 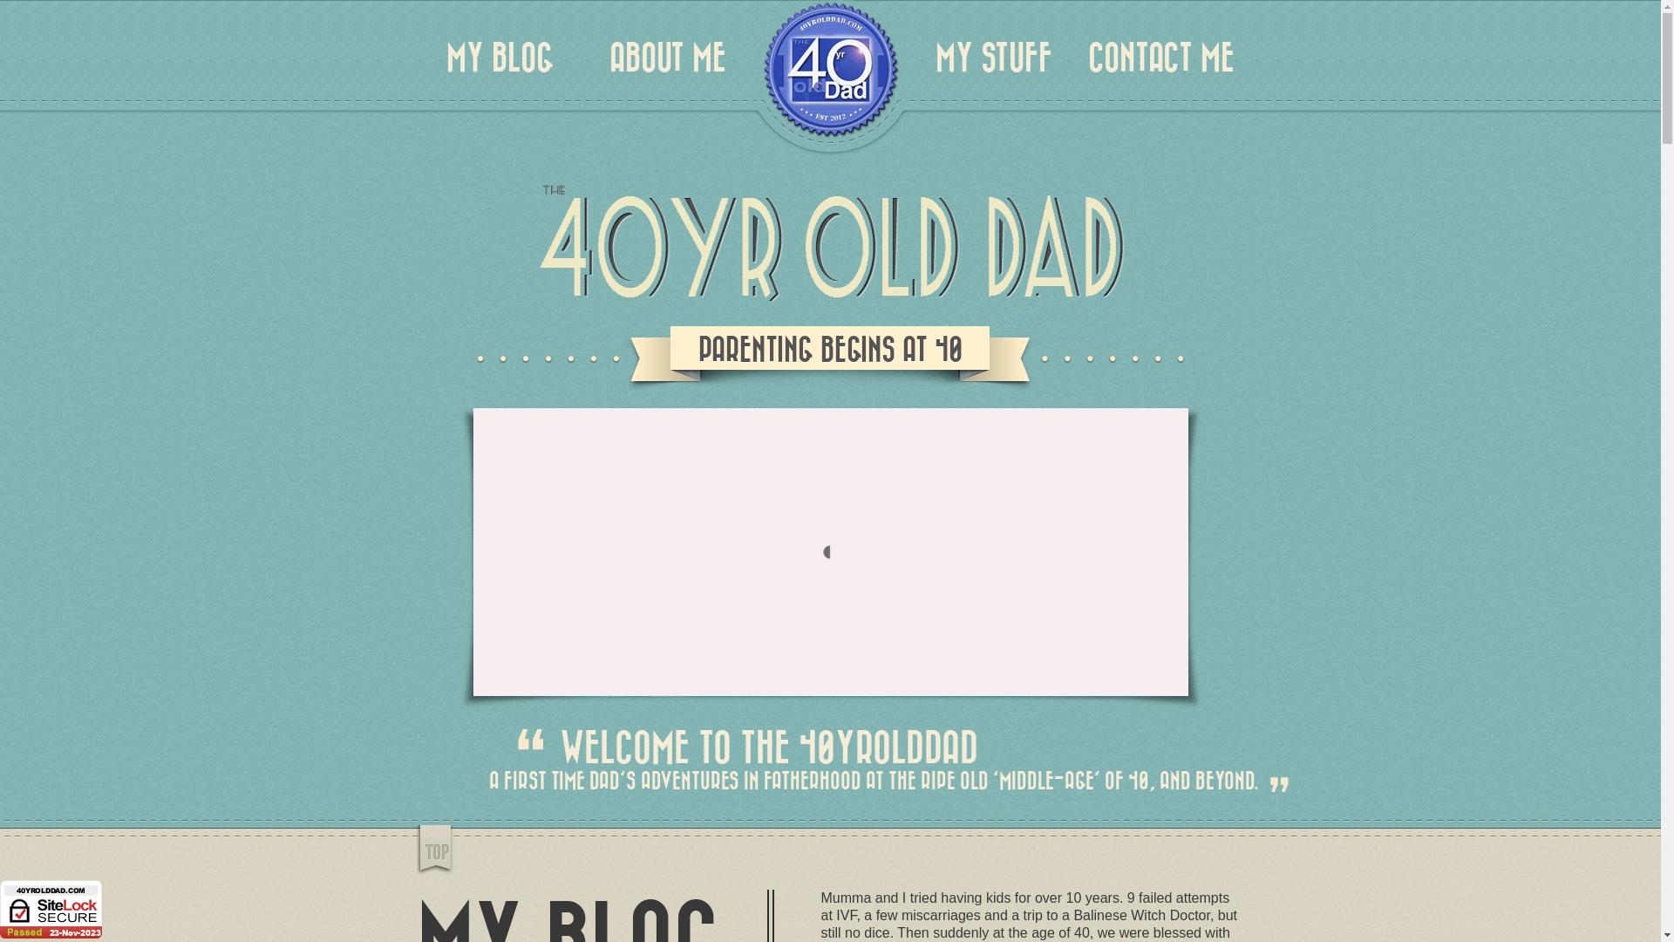 What do you see at coordinates (994, 58) in the screenshot?
I see `'MY STUFF'` at bounding box center [994, 58].